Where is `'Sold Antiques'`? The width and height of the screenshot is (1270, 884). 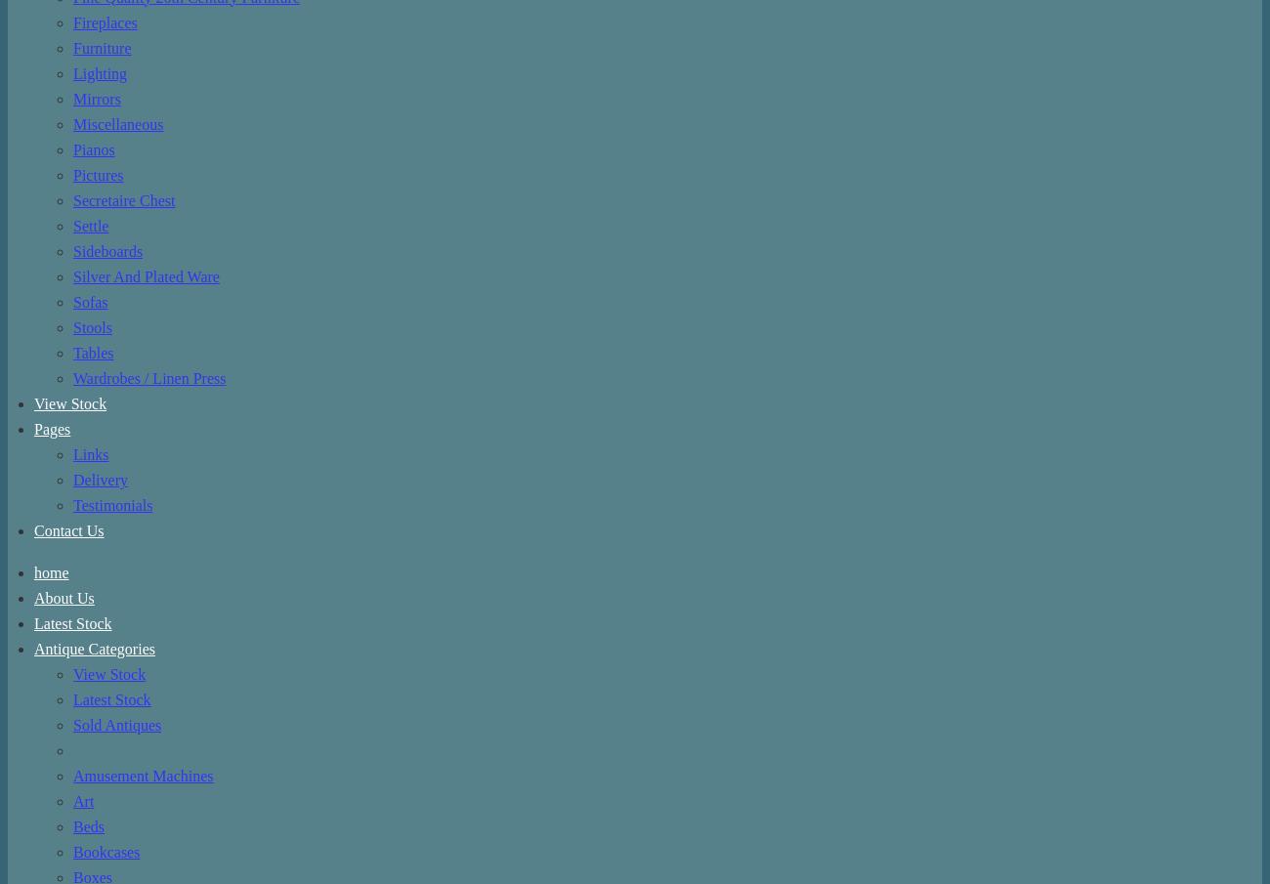 'Sold Antiques' is located at coordinates (115, 723).